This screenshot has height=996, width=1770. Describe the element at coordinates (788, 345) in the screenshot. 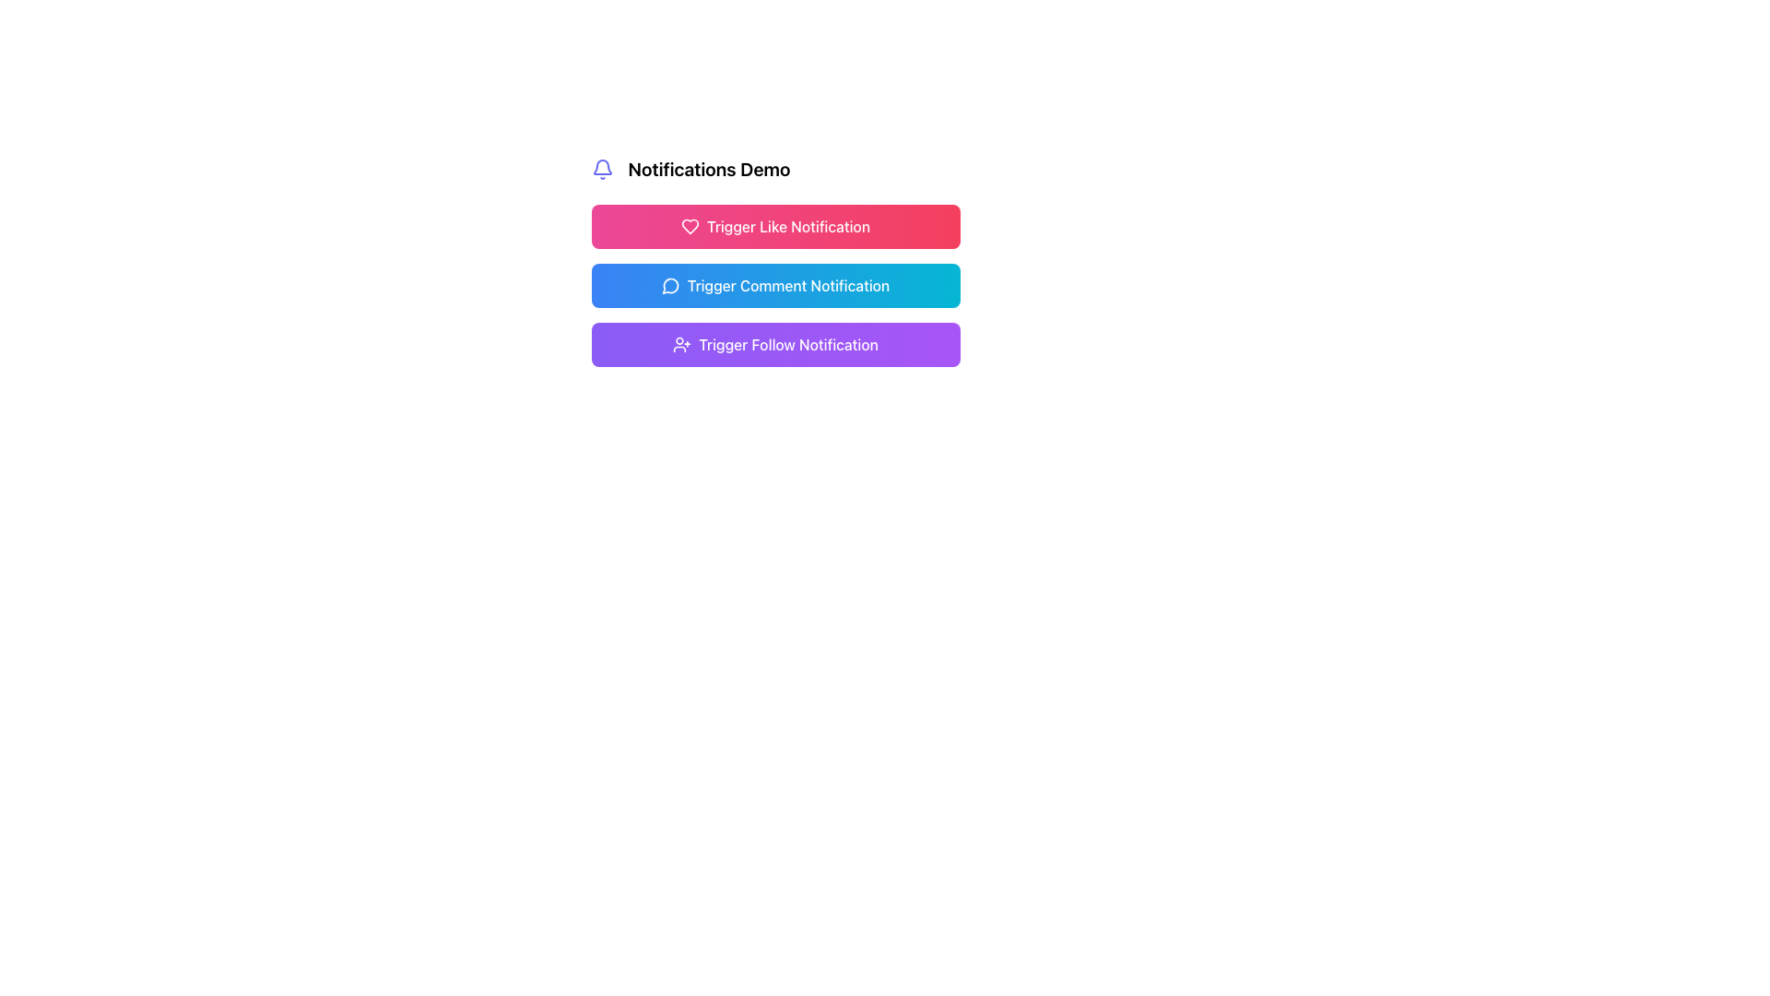

I see `the text label that reads 'Trigger Follow Notification' within the purple gradient button, which is the third button in the list below 'Trigger Comment Notification'` at that location.